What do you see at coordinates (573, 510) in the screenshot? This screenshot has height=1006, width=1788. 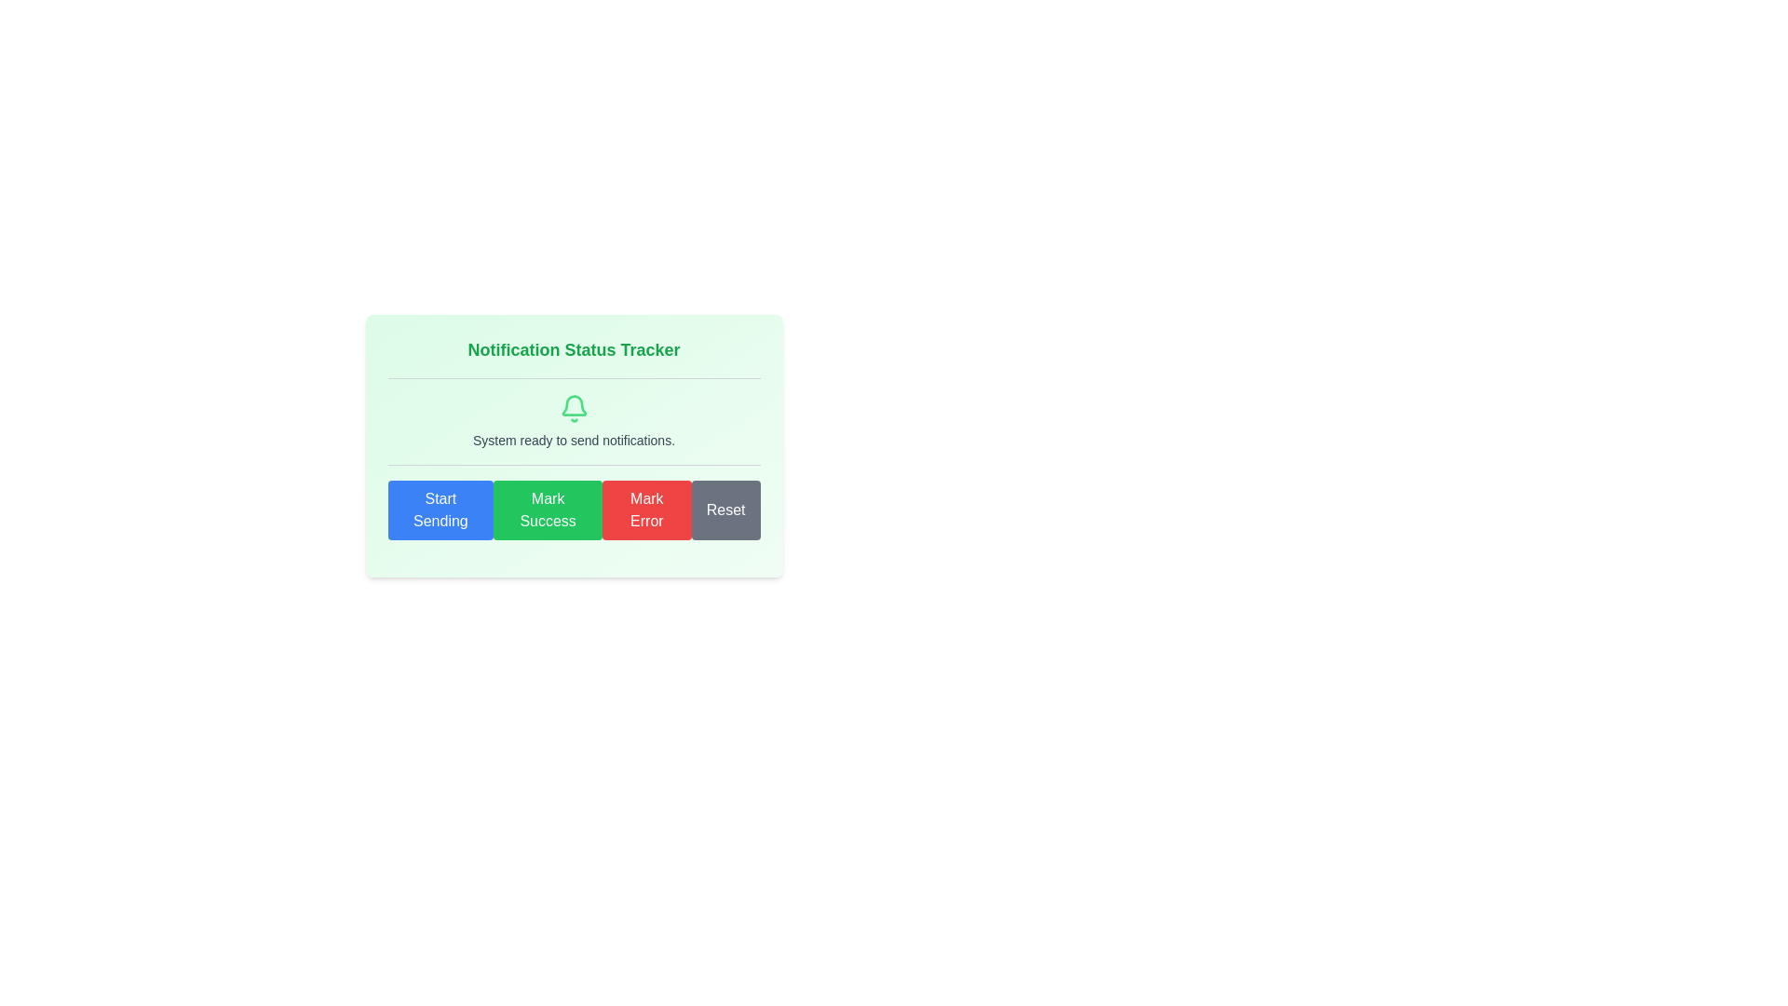 I see `the green button labeled 'Mark Success'` at bounding box center [573, 510].